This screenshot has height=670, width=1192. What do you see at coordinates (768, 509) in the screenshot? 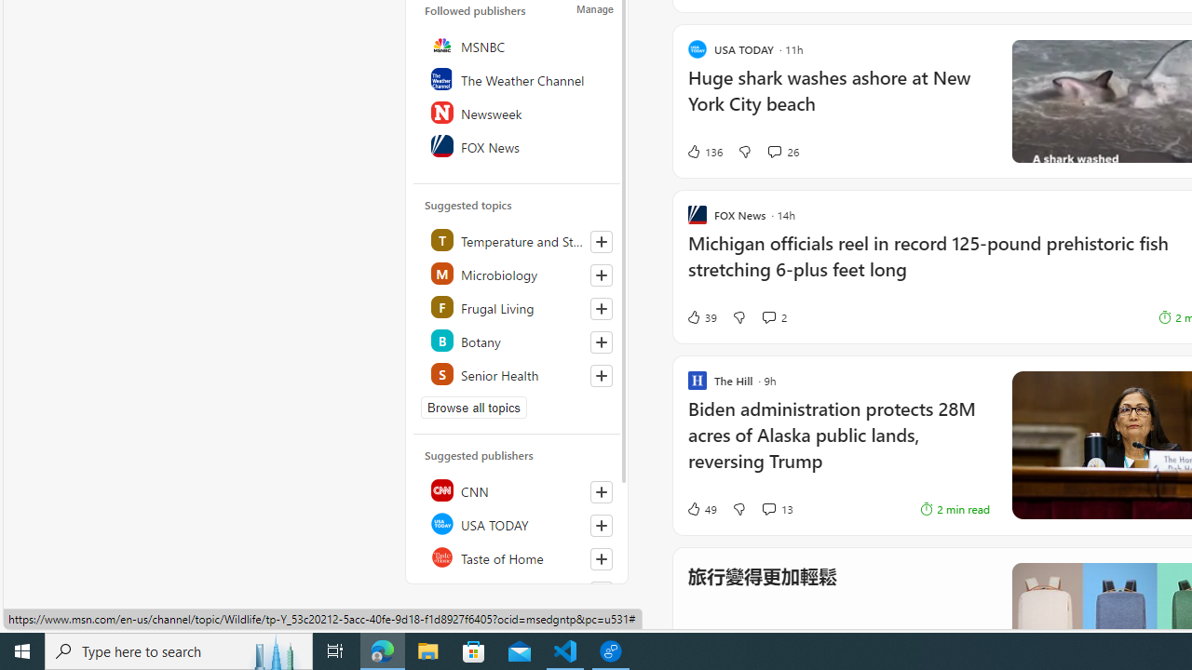
I see `'View comments 13 Comment'` at bounding box center [768, 509].